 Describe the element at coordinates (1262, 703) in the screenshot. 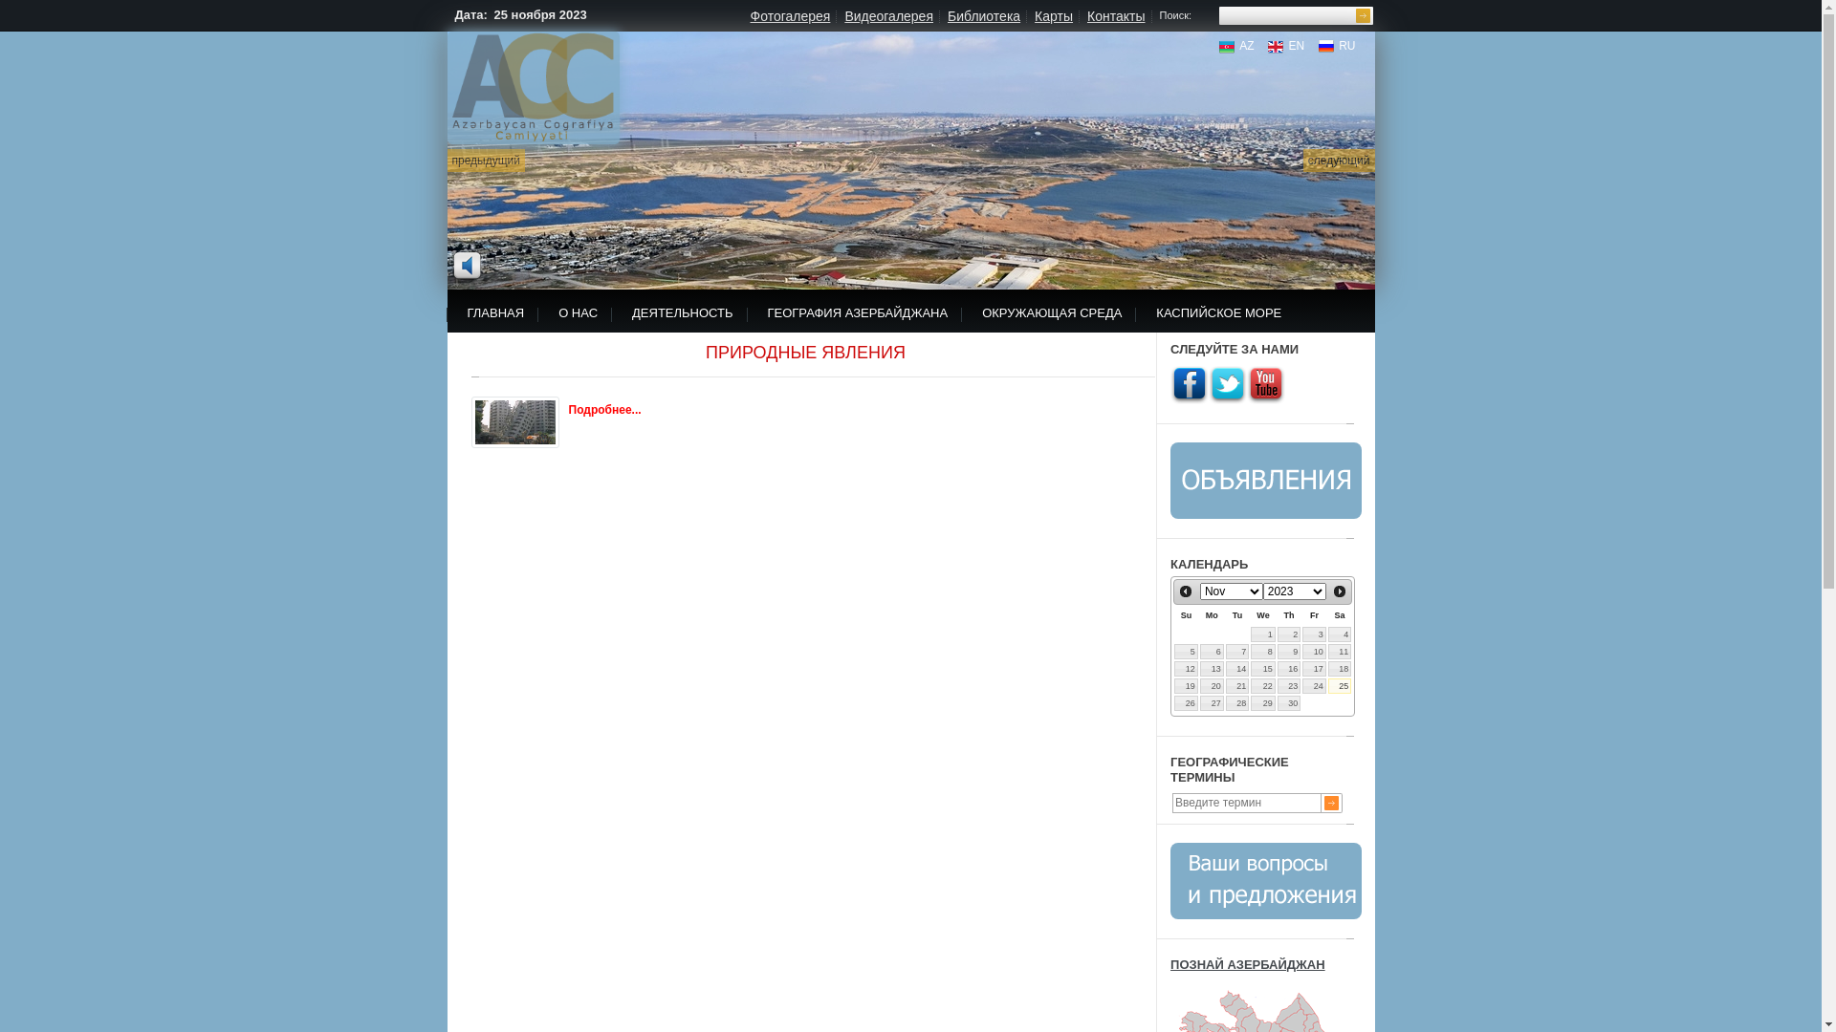

I see `'29'` at that location.